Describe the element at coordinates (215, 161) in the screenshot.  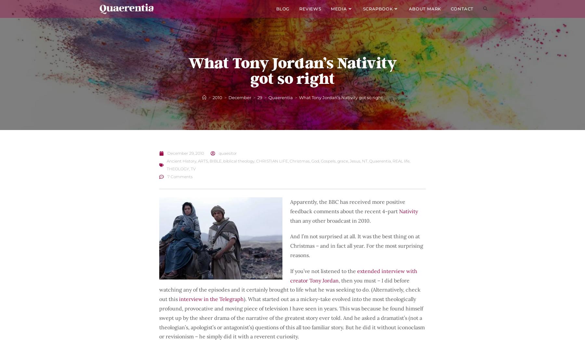
I see `'BIBLE'` at that location.